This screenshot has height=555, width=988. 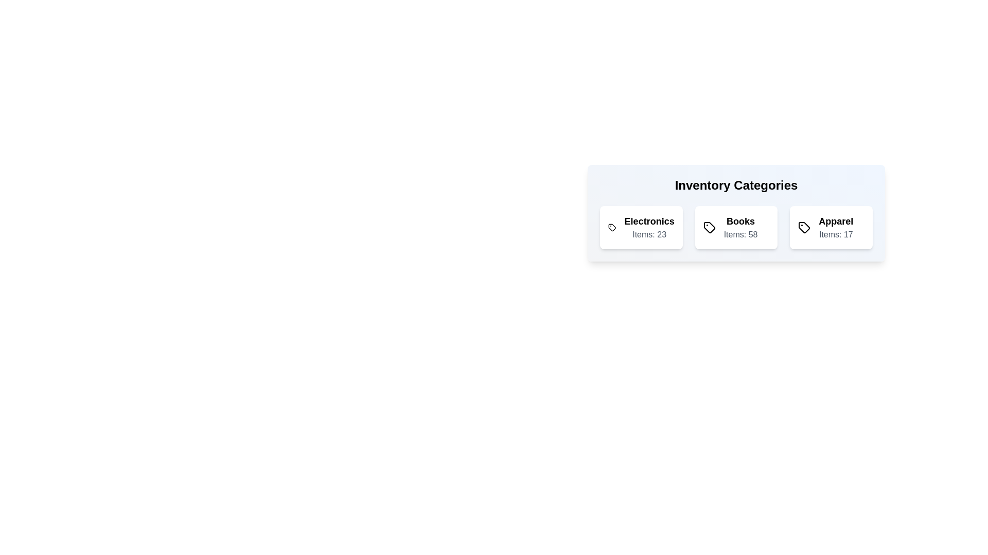 What do you see at coordinates (832, 227) in the screenshot?
I see `the category card for Apparel` at bounding box center [832, 227].